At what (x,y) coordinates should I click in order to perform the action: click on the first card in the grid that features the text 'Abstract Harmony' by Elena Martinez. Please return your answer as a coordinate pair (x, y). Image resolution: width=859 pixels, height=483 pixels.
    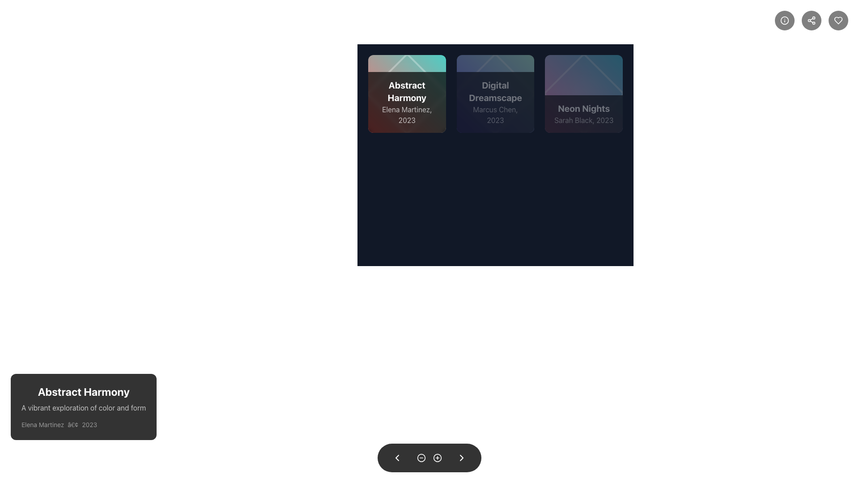
    Looking at the image, I should click on (406, 93).